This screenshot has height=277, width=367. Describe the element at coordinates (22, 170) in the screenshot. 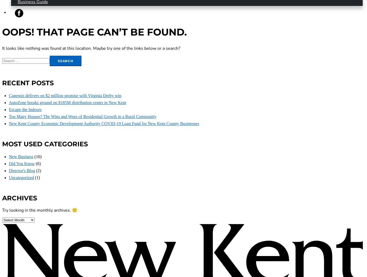

I see `'Director's Blog'` at that location.